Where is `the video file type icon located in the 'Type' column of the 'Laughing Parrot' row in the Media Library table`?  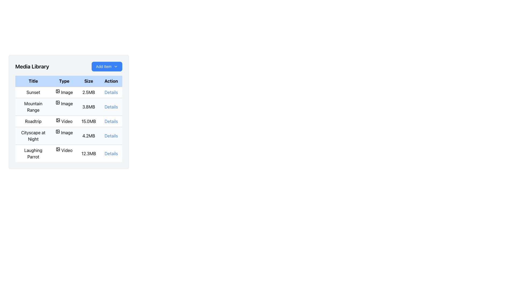 the video file type icon located in the 'Type' column of the 'Laughing Parrot' row in the Media Library table is located at coordinates (58, 149).